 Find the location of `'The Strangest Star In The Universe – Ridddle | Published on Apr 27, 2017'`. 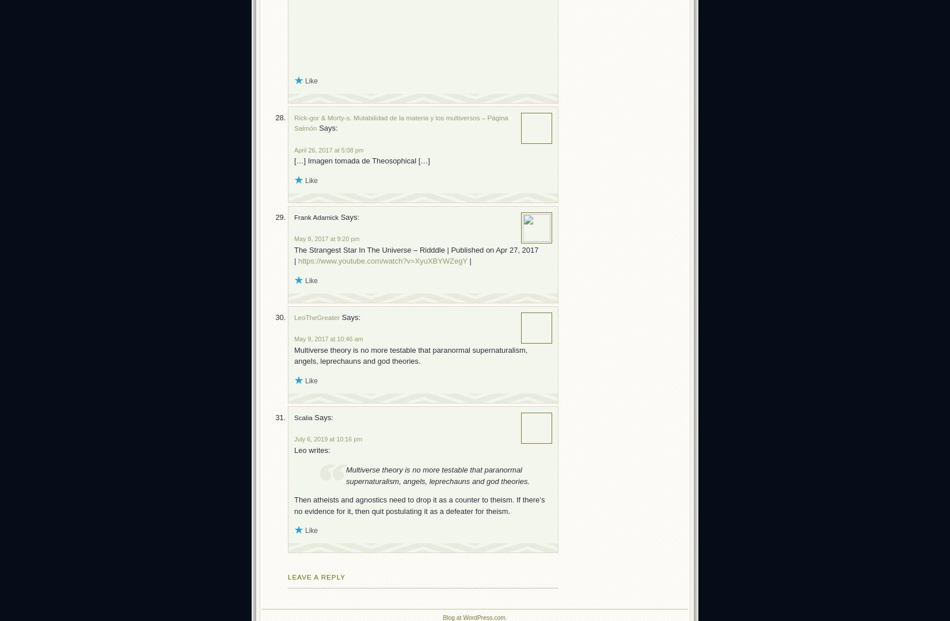

'The Strangest Star In The Universe – Ridddle | Published on Apr 27, 2017' is located at coordinates (416, 249).